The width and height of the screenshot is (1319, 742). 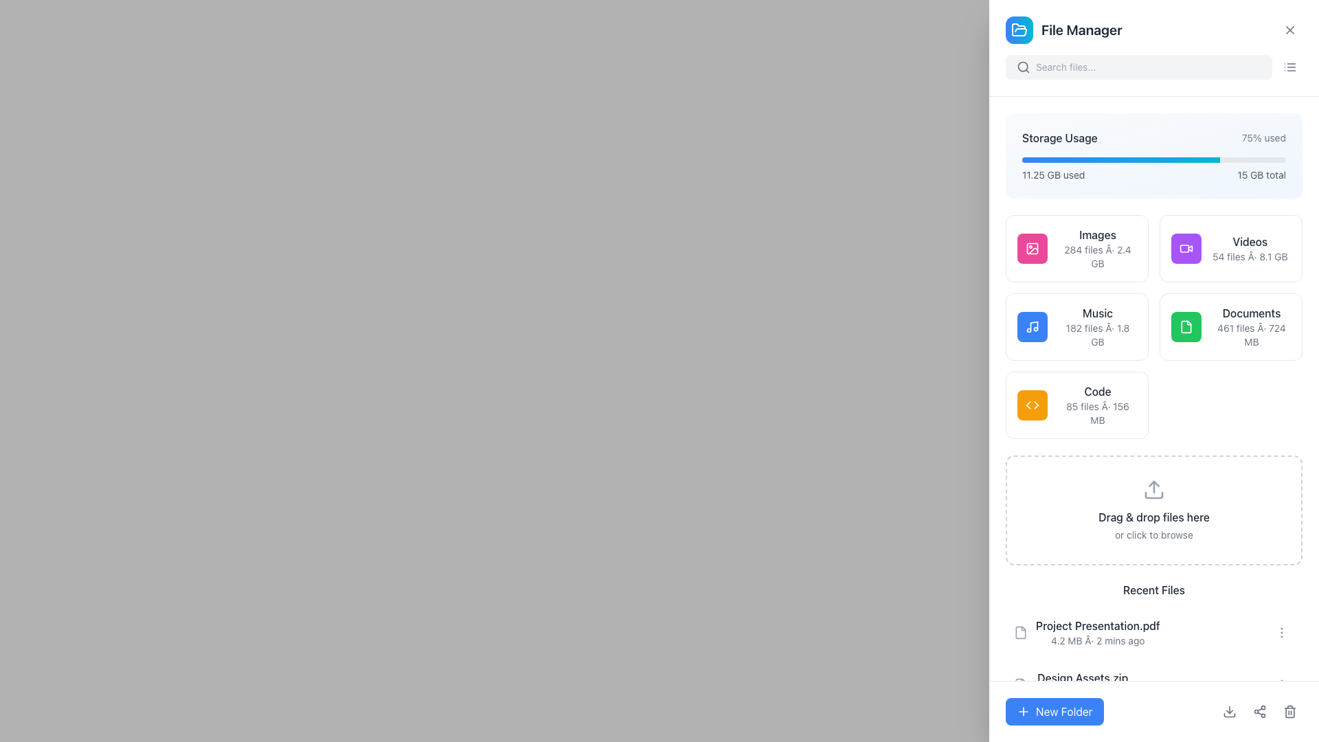 I want to click on the sharing button, which is the second icon from the left in a horizontal row at the bottom-right corner of the application, so click(x=1259, y=711).